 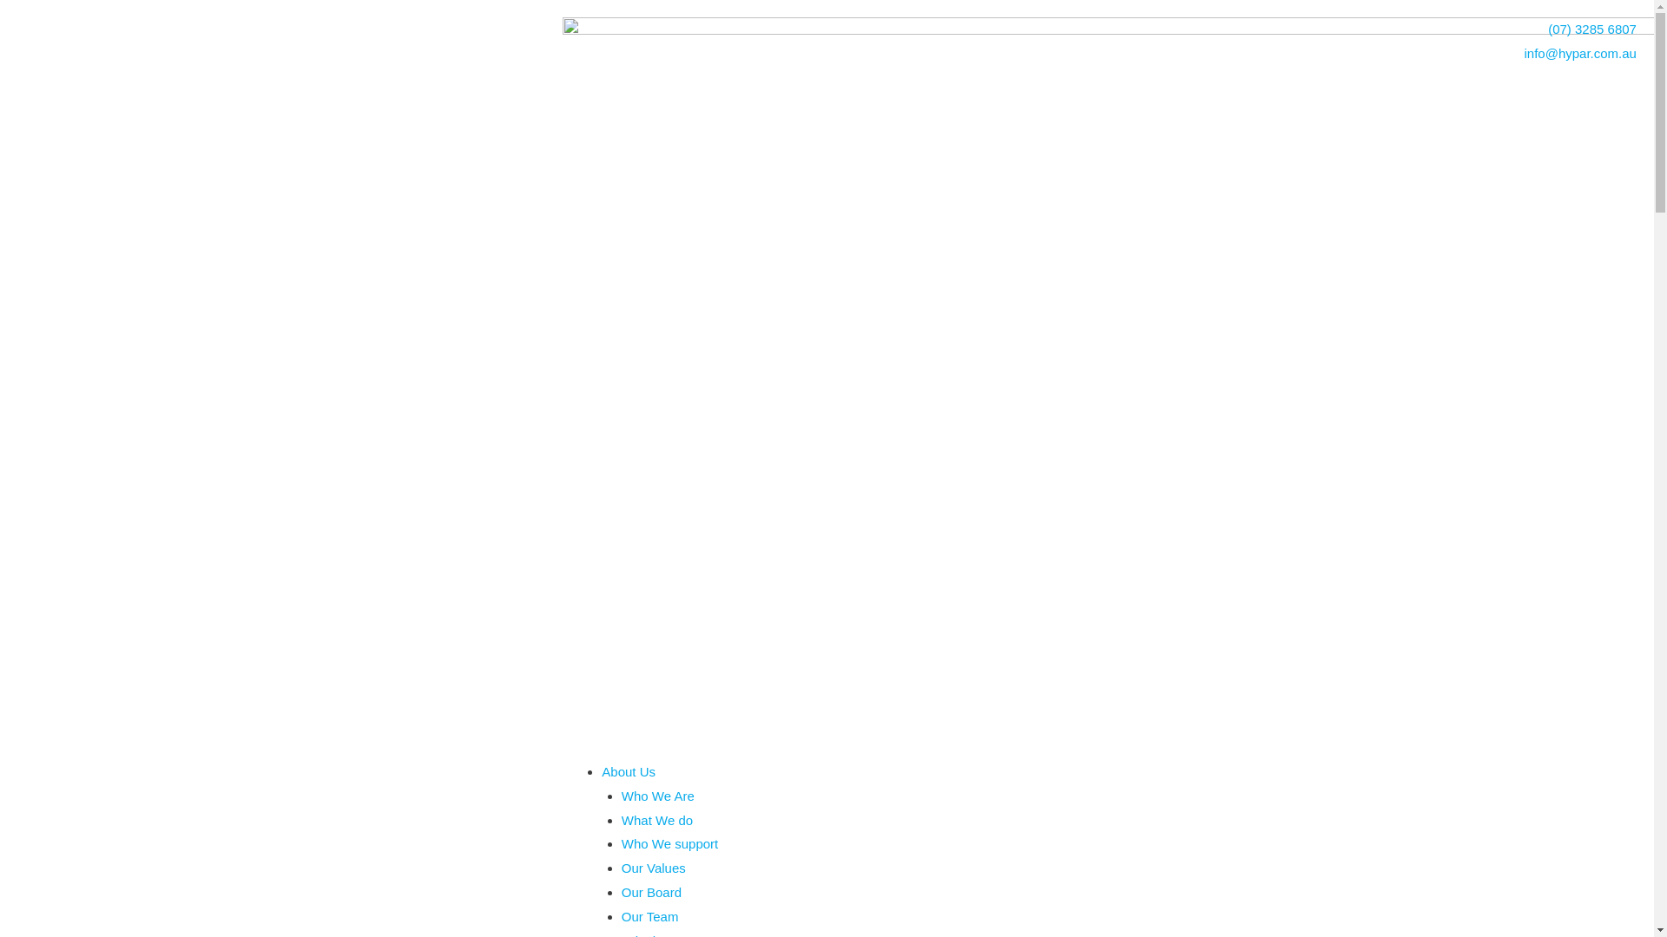 I want to click on 'Our Values', so click(x=653, y=868).